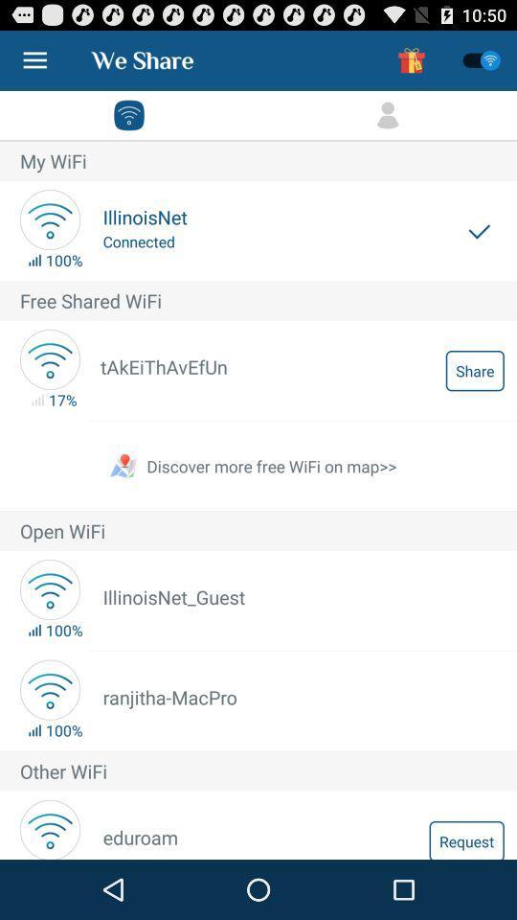 The width and height of the screenshot is (517, 920). Describe the element at coordinates (478, 230) in the screenshot. I see `the item next to the illinoisnet icon` at that location.